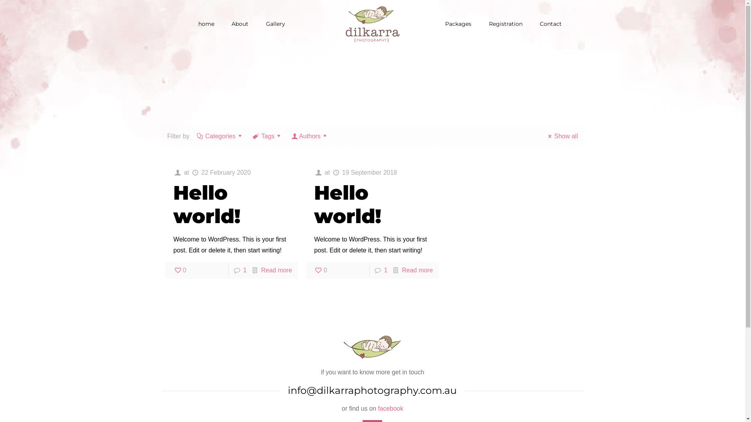 This screenshot has height=422, width=751. Describe the element at coordinates (190, 23) in the screenshot. I see `'home'` at that location.